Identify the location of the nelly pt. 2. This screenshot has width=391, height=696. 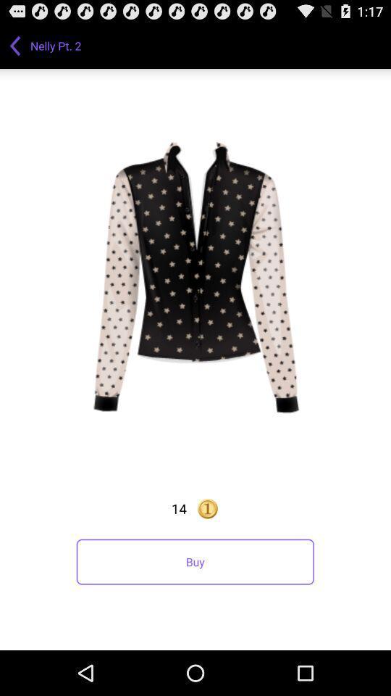
(56, 45).